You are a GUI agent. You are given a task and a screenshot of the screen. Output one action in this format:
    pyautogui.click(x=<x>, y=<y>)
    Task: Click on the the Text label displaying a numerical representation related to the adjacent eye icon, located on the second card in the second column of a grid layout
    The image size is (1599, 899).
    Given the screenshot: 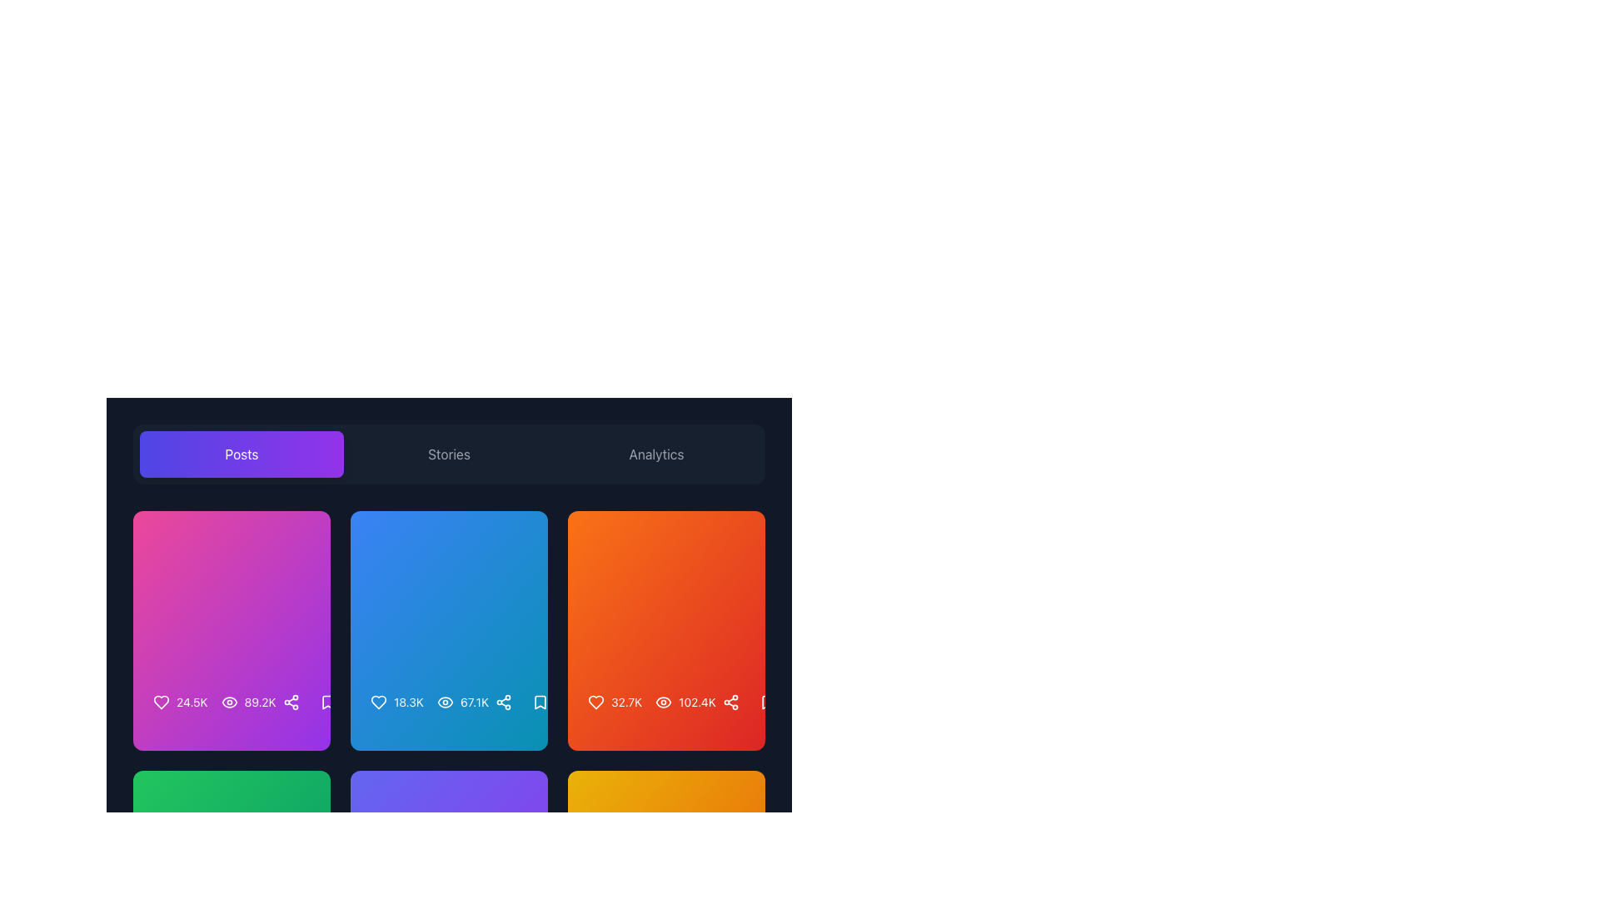 What is the action you would take?
    pyautogui.click(x=474, y=703)
    